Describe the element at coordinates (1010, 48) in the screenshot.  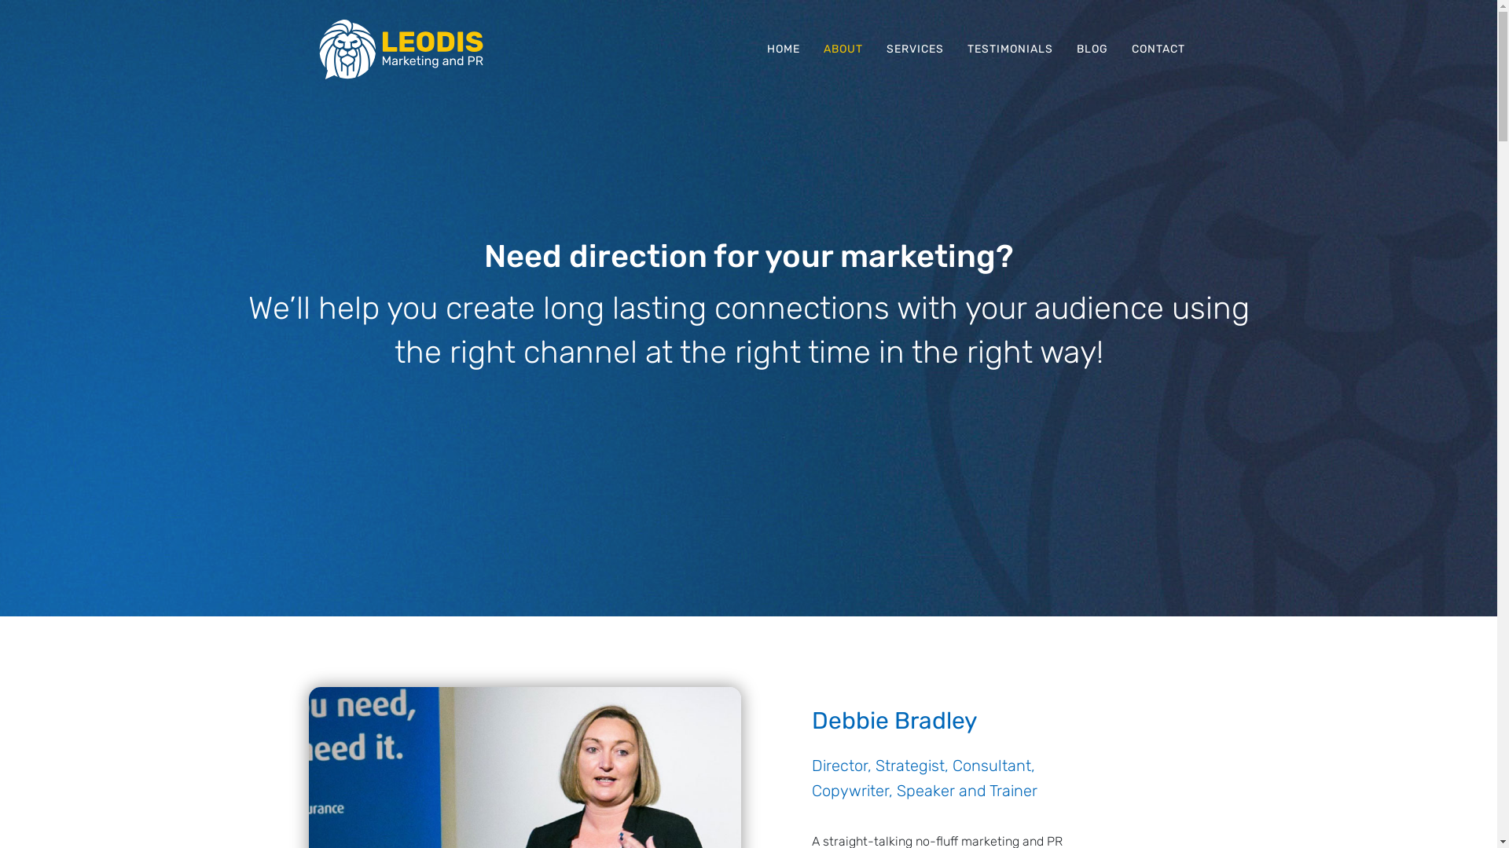
I see `'TESTIMONIALS'` at that location.